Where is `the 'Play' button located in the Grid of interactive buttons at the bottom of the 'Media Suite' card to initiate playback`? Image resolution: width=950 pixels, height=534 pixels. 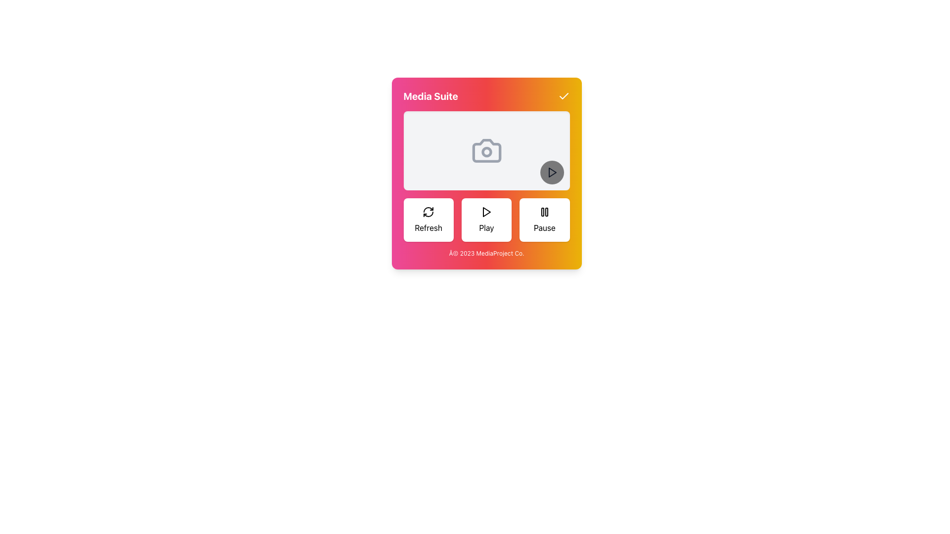 the 'Play' button located in the Grid of interactive buttons at the bottom of the 'Media Suite' card to initiate playback is located at coordinates (486, 219).